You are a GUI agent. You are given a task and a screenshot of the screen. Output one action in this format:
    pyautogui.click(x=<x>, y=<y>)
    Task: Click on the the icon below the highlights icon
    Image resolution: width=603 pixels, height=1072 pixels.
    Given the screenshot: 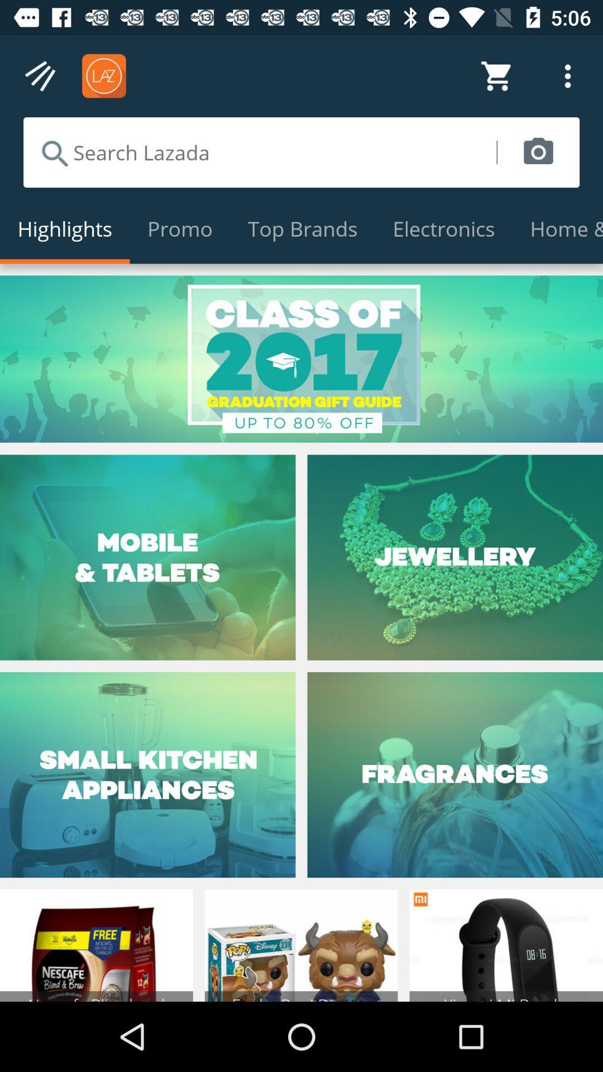 What is the action you would take?
    pyautogui.click(x=301, y=359)
    